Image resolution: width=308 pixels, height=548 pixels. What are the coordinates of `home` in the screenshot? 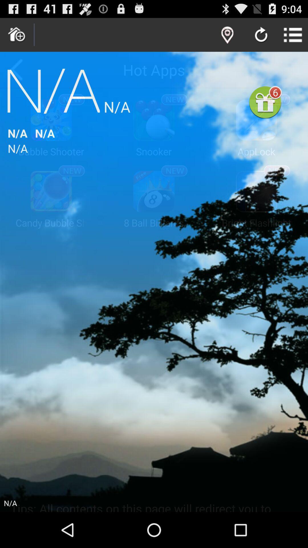 It's located at (17, 35).